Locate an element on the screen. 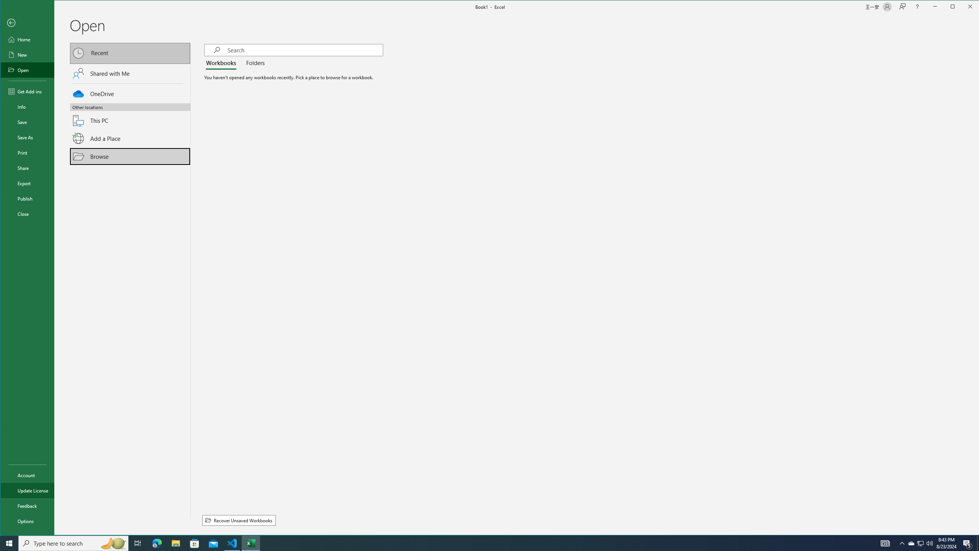 This screenshot has width=979, height=551. 'Options' is located at coordinates (27, 521).